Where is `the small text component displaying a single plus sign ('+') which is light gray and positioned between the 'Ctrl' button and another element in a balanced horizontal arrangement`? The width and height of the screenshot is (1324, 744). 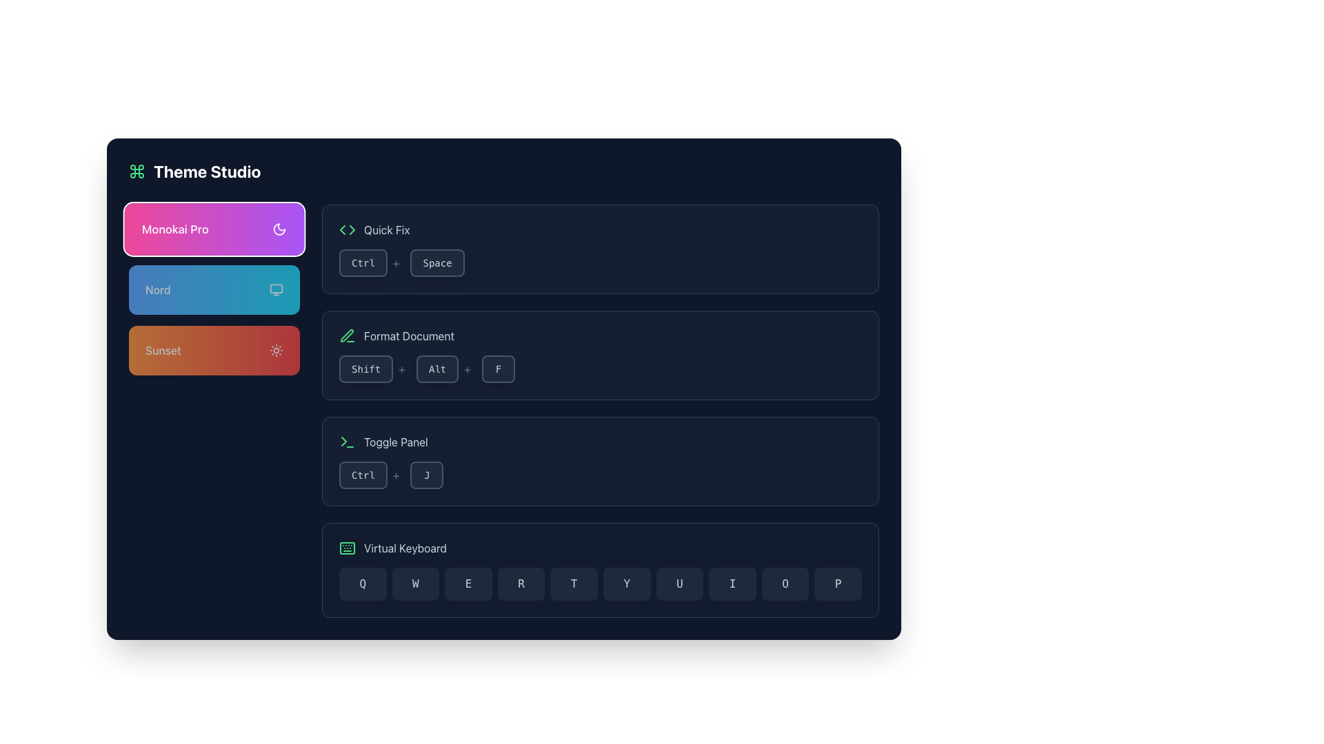
the small text component displaying a single plus sign ('+') which is light gray and positioned between the 'Ctrl' button and another element in a balanced horizontal arrangement is located at coordinates (395, 262).